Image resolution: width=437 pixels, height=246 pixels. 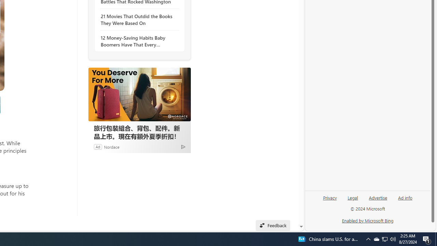 What do you see at coordinates (137, 19) in the screenshot?
I see `'21 Movies That Outdid the Books They Were Based On'` at bounding box center [137, 19].